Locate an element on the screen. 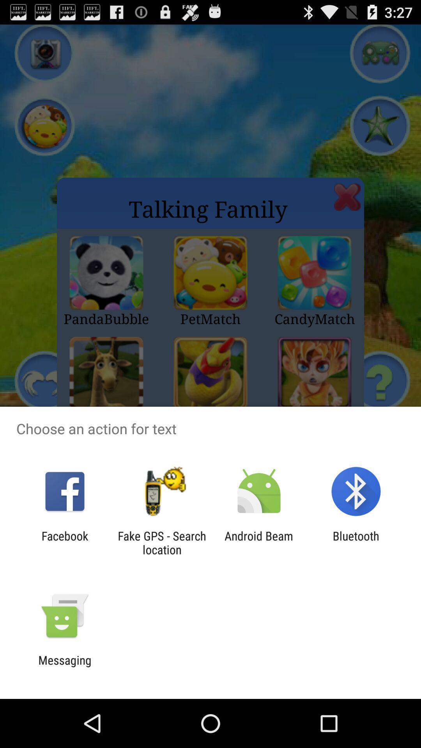  the app to the left of the fake gps search is located at coordinates (64, 542).